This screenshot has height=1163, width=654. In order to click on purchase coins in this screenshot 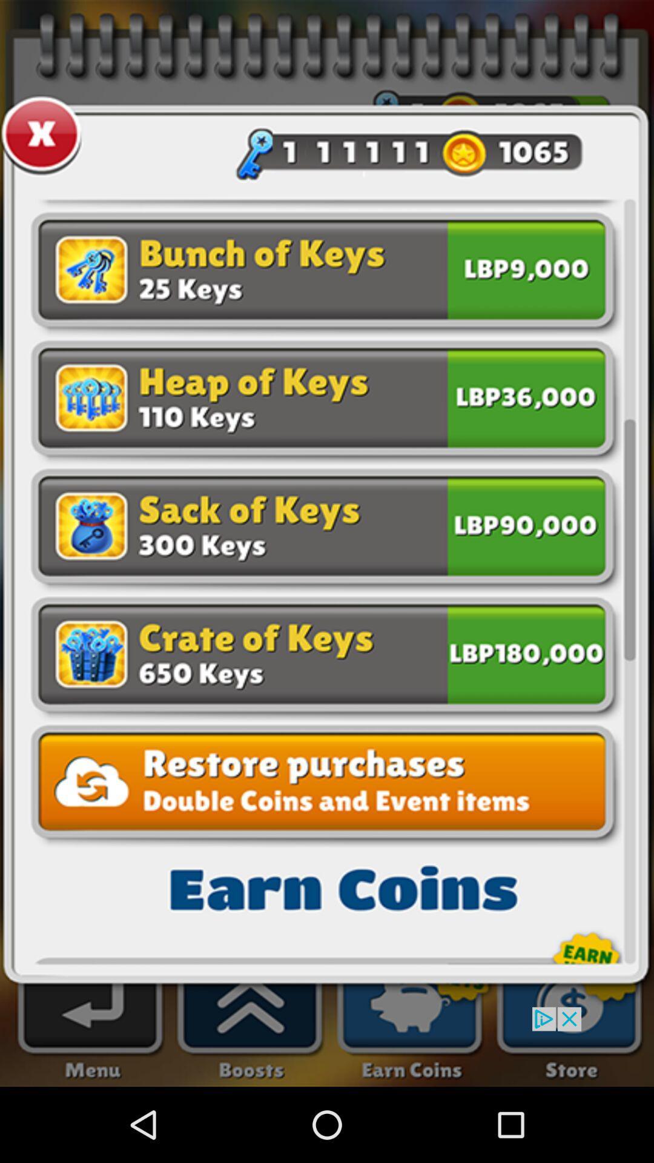, I will do `click(526, 396)`.